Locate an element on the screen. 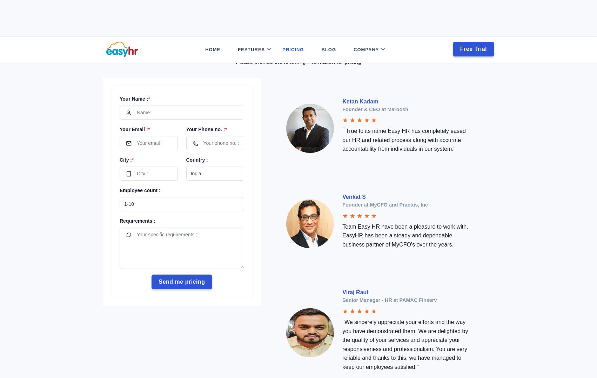  'Employee count :' is located at coordinates (120, 153).